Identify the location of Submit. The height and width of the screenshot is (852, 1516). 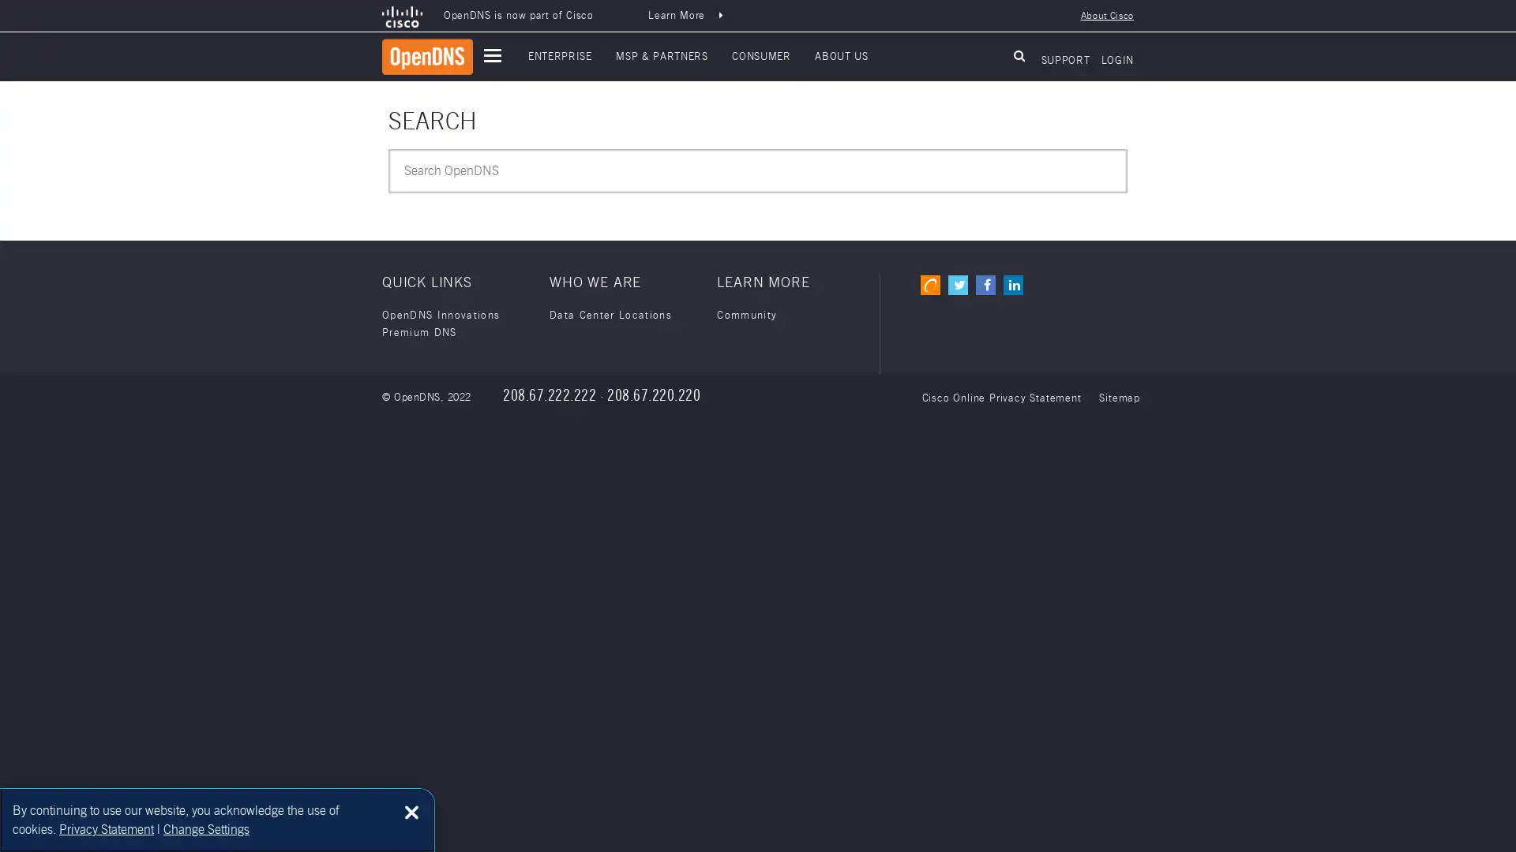
(1117, 152).